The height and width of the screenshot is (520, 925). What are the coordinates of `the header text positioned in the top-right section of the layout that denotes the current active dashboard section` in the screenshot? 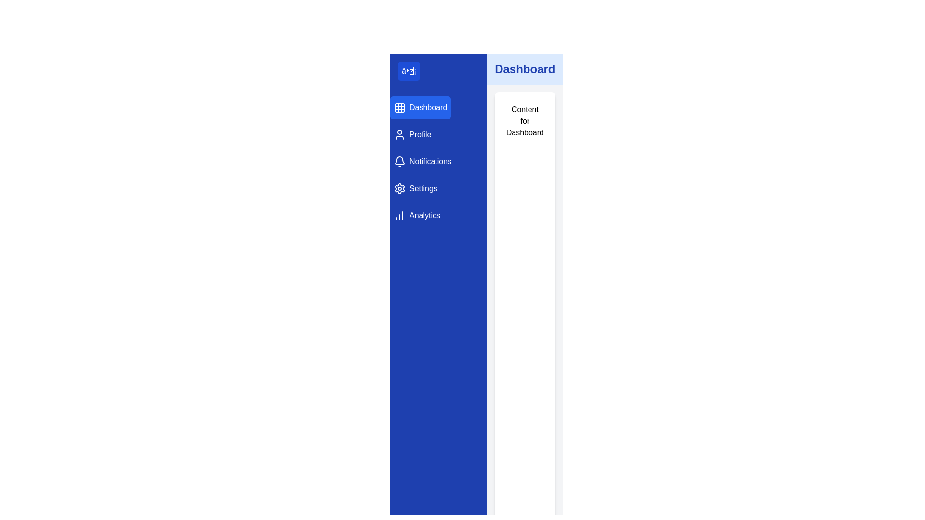 It's located at (524, 68).